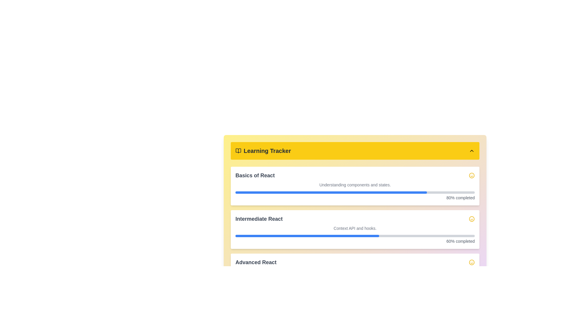  What do you see at coordinates (259, 219) in the screenshot?
I see `the static text label displaying 'Intermediate React' in large, bold, dark-gray font, located in the middle section of the vertical list within the 'Learning Tracker' card` at bounding box center [259, 219].